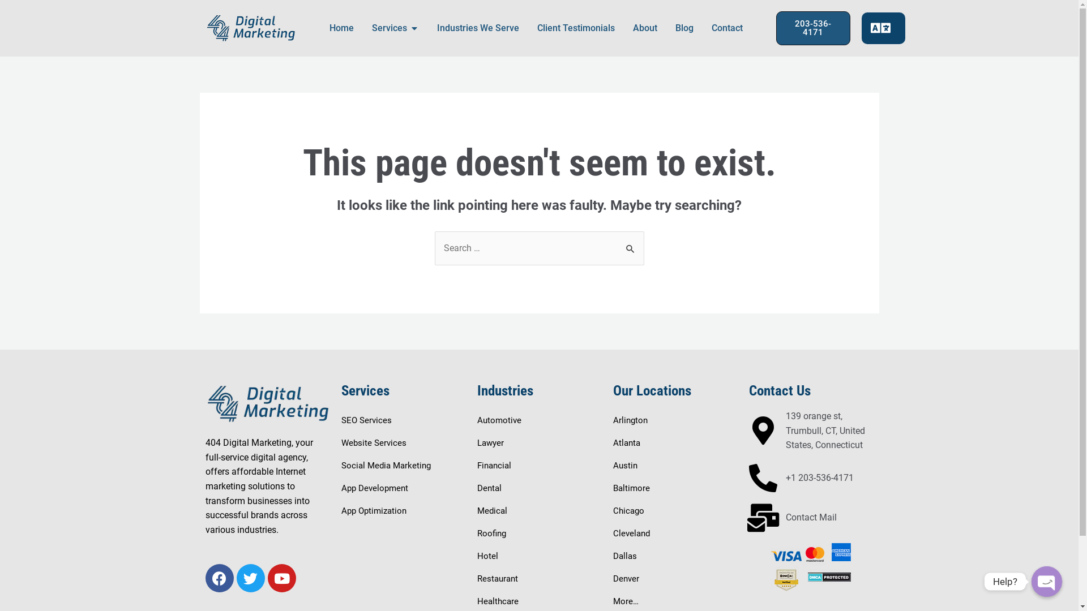  Describe the element at coordinates (366, 420) in the screenshot. I see `'SEO Services'` at that location.